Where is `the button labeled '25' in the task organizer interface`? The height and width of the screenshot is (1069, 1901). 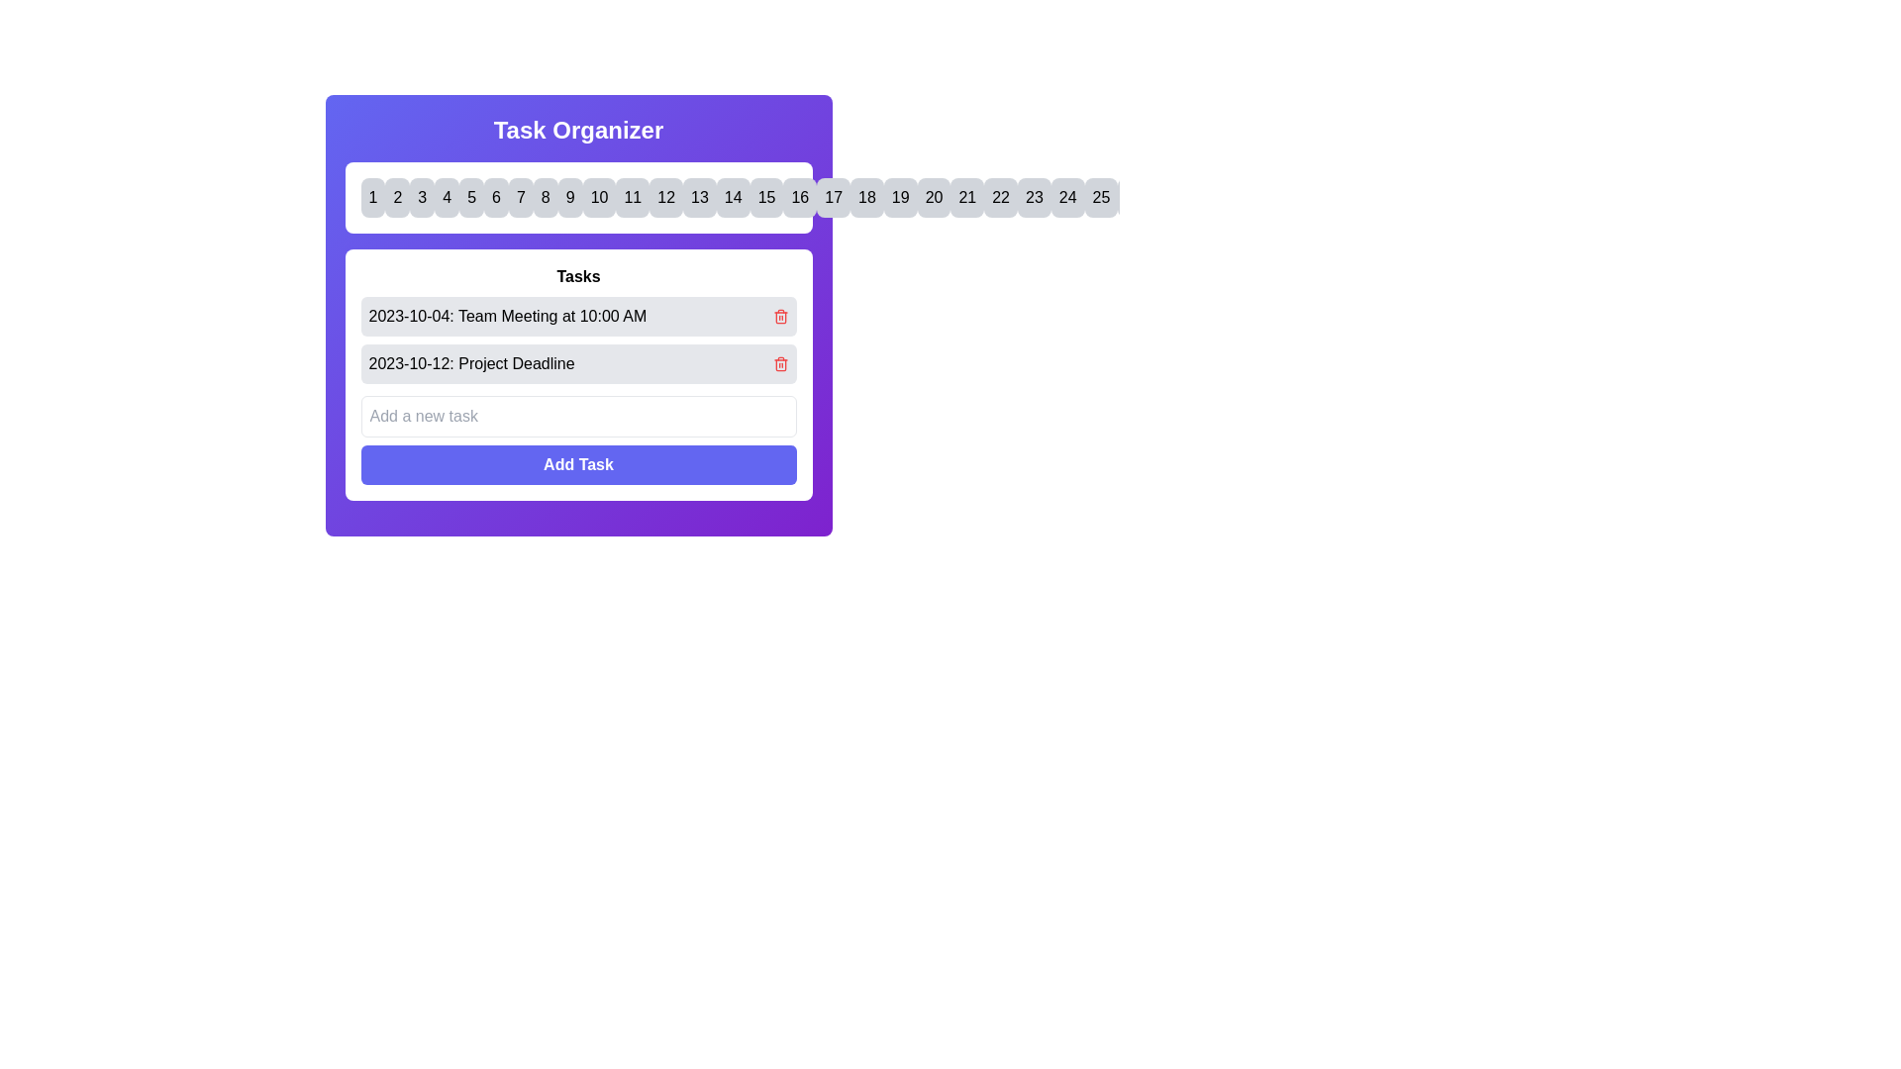
the button labeled '25' in the task organizer interface is located at coordinates (1100, 198).